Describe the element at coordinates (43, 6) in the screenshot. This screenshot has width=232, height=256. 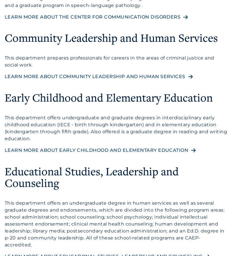
I see `'Canvas Login'` at that location.